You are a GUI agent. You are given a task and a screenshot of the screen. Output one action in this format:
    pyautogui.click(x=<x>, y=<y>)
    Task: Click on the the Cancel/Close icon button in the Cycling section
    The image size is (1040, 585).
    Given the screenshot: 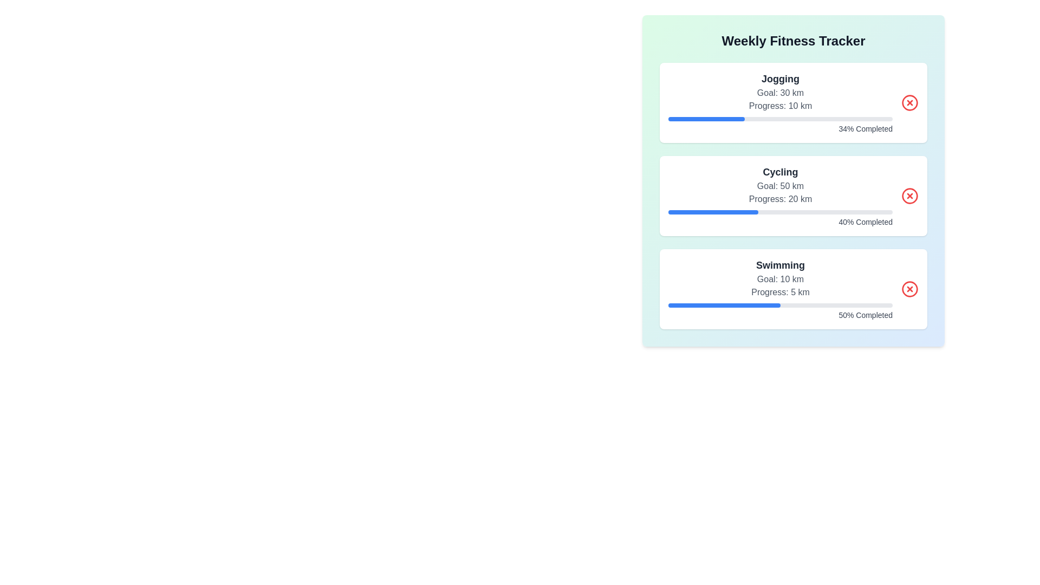 What is the action you would take?
    pyautogui.click(x=910, y=196)
    